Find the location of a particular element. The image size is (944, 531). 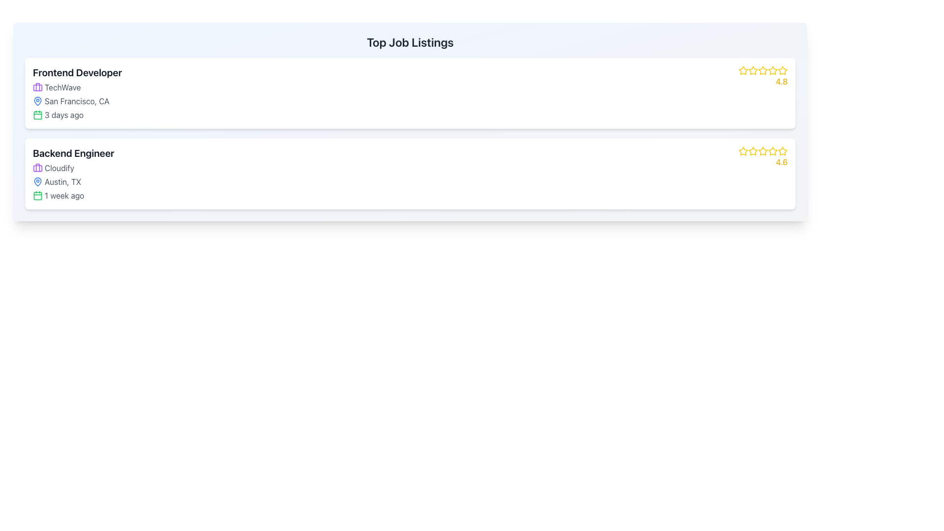

the fourth star in the rating component of the 'Frontend Developer' job listing is located at coordinates (771, 69).